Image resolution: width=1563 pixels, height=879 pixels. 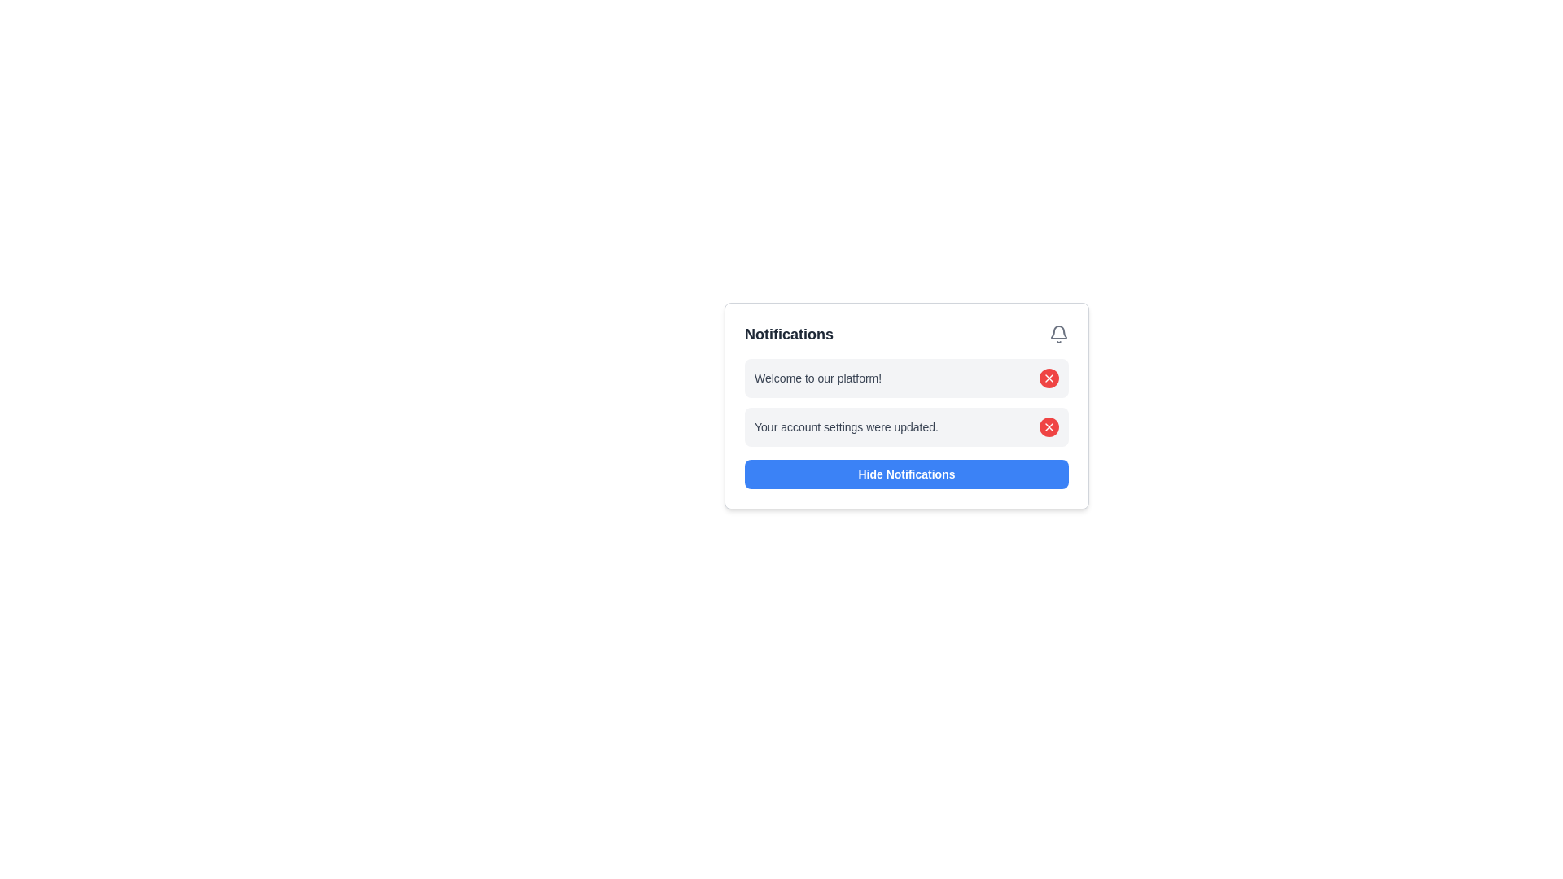 I want to click on the notification indicator icon located in the top-right corner of the notification panel, so click(x=1058, y=331).